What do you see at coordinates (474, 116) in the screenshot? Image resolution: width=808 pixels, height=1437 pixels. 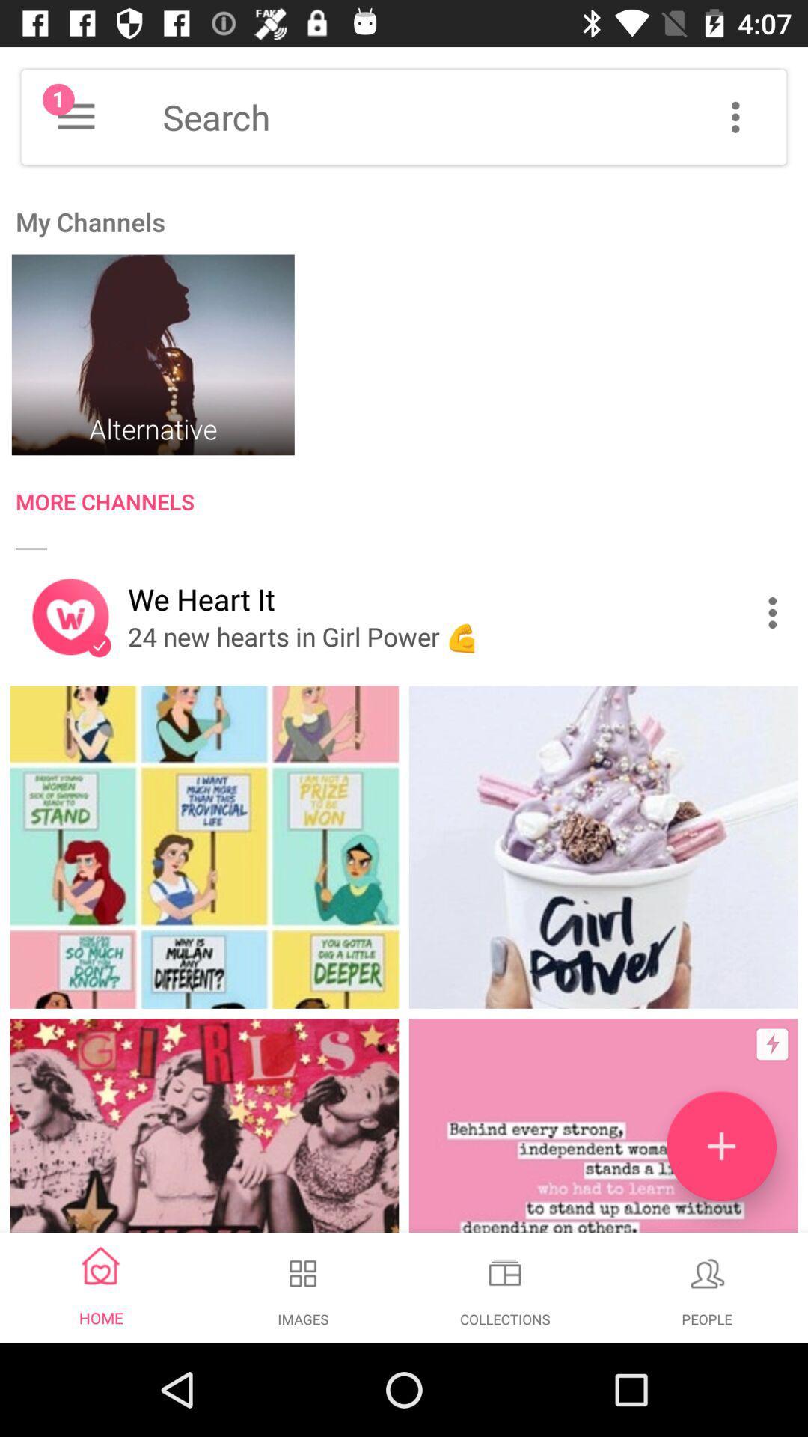 I see `clique aqui para fazer buscas` at bounding box center [474, 116].